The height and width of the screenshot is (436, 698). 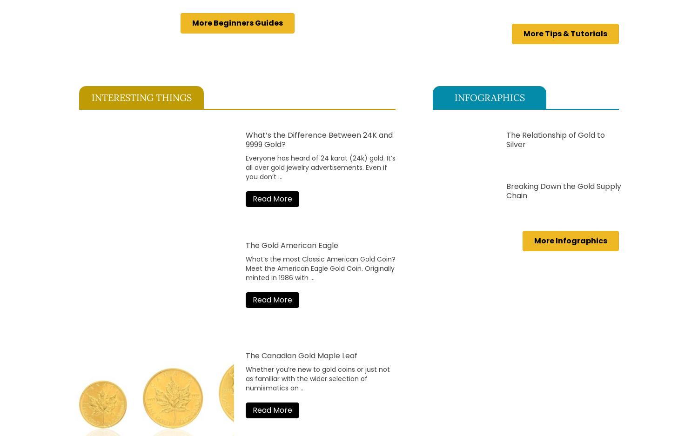 I want to click on 'The Relationship of Gold to Silver', so click(x=505, y=139).